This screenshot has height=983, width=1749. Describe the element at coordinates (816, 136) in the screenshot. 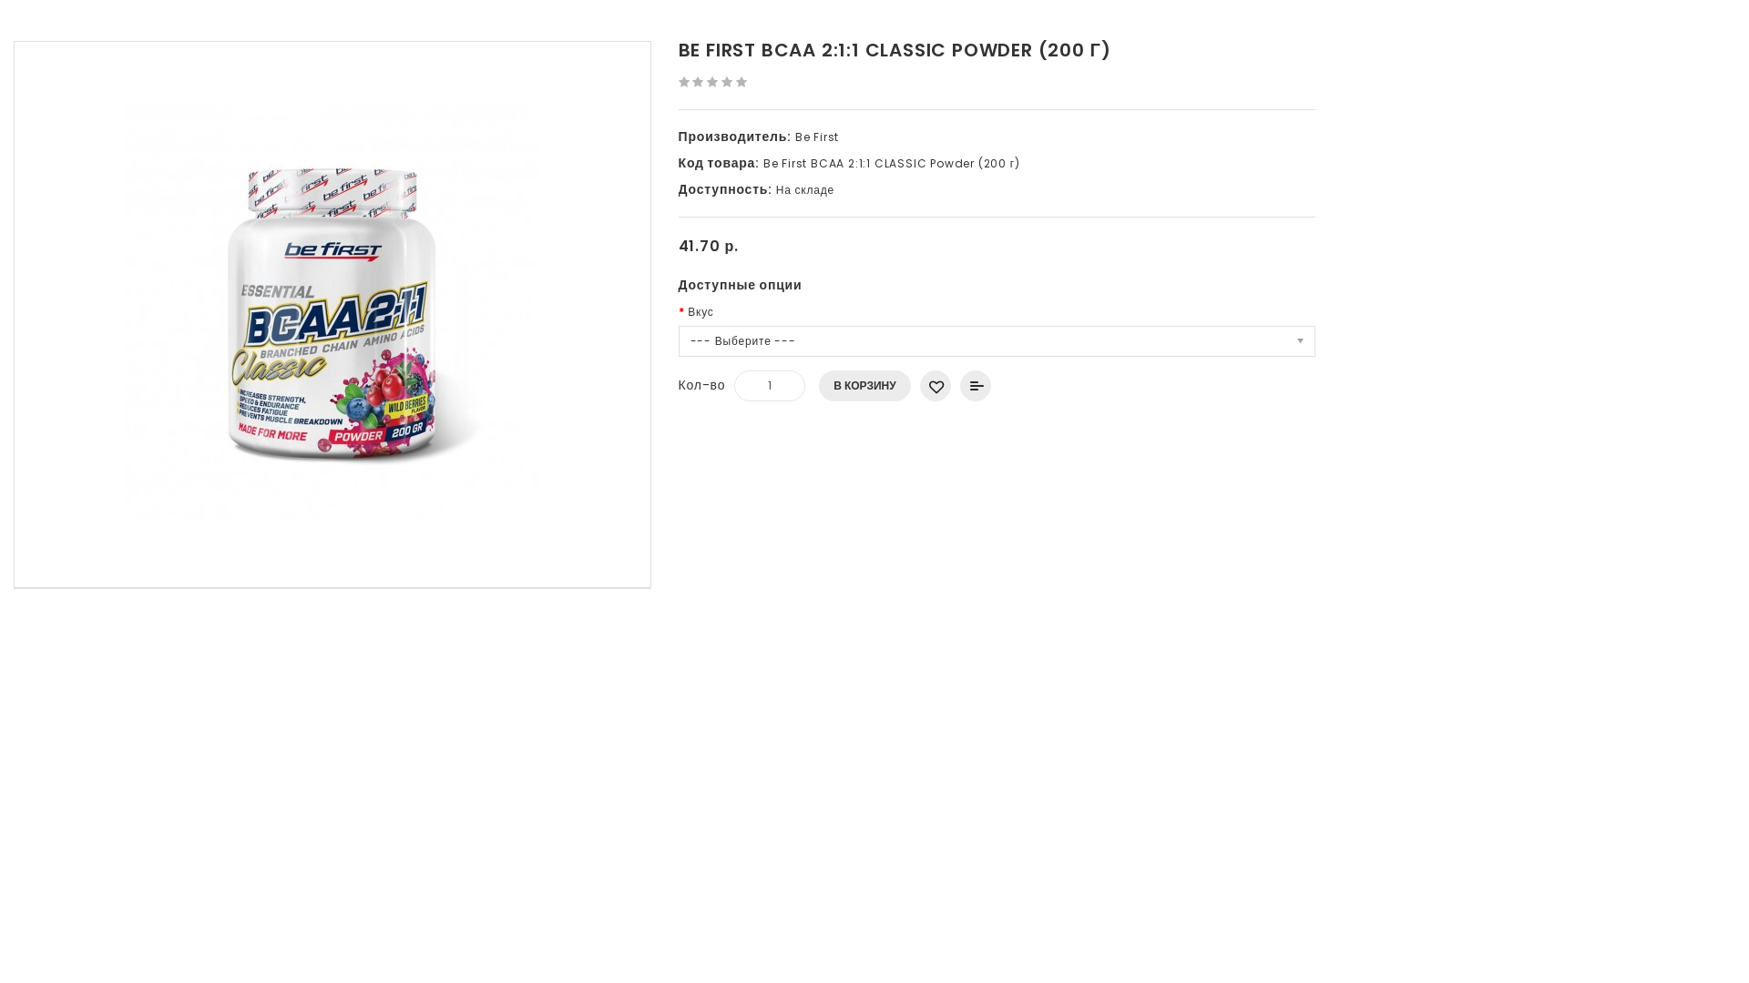

I see `'Be First'` at that location.